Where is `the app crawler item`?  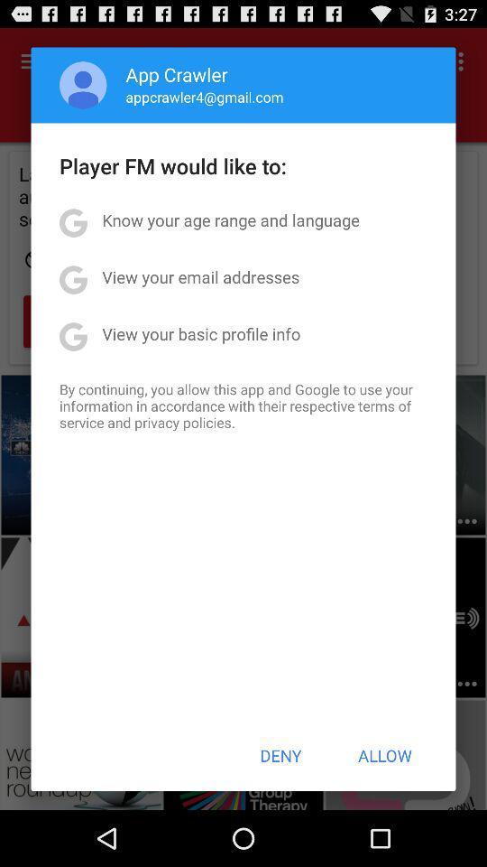
the app crawler item is located at coordinates (177, 74).